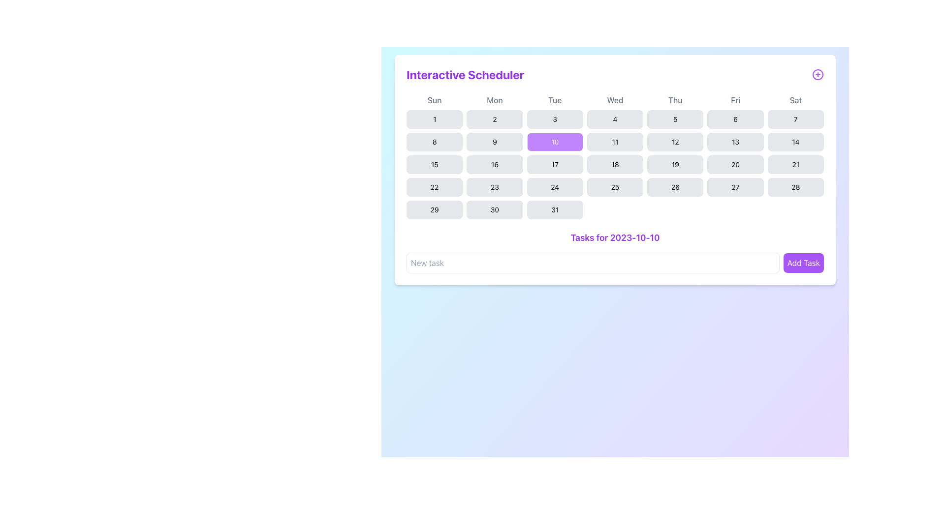  What do you see at coordinates (614, 170) in the screenshot?
I see `a specific date cell in the Interactive Scheduler calendar component` at bounding box center [614, 170].